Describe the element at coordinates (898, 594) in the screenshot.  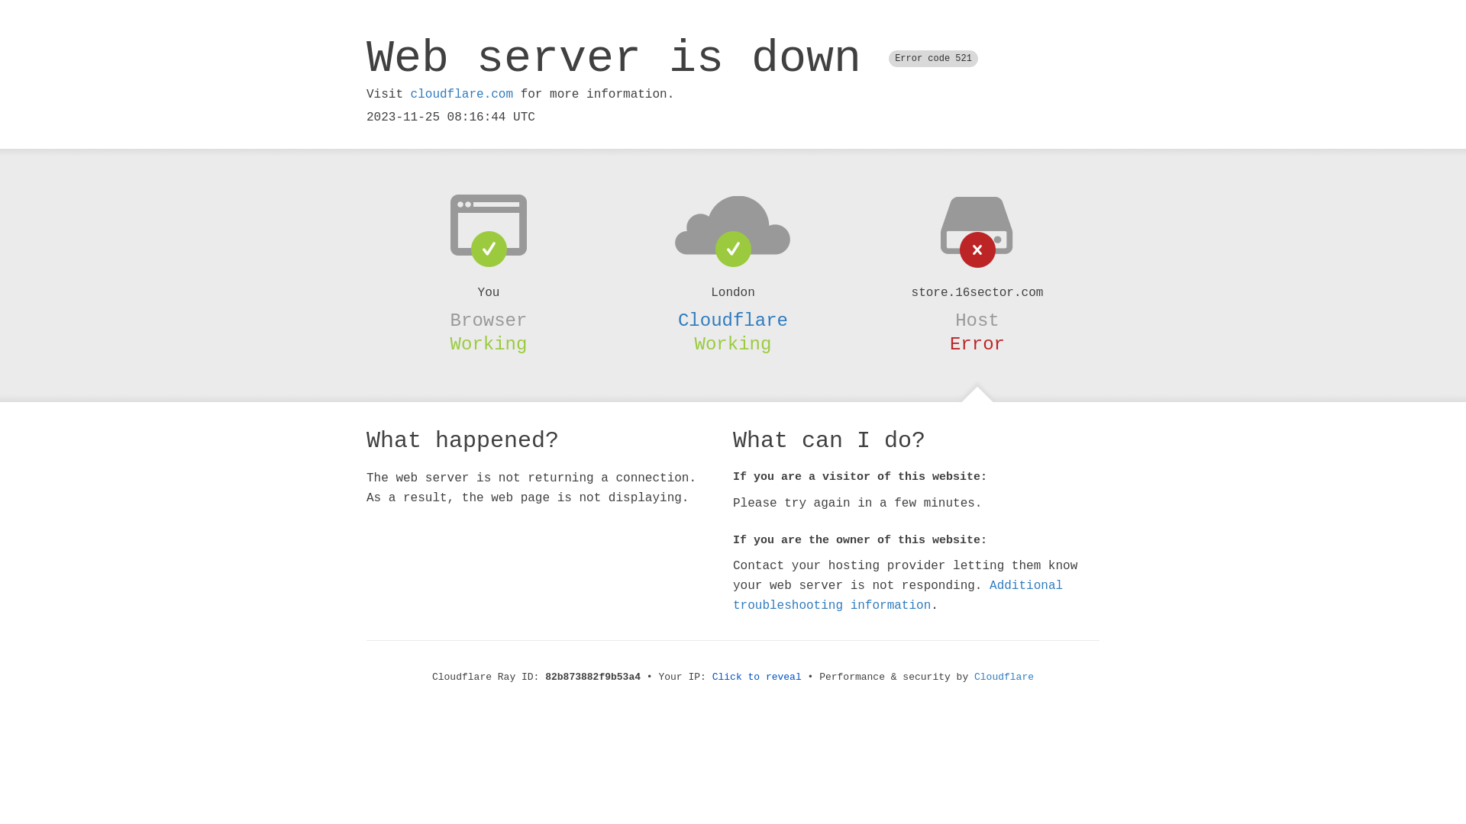
I see `'Additional troubleshooting information'` at that location.